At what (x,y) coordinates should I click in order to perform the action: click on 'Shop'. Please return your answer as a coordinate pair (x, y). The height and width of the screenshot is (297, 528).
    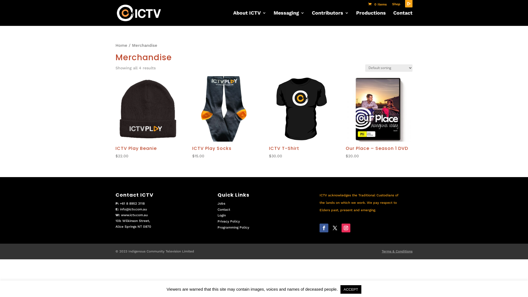
    Looking at the image, I should click on (396, 5).